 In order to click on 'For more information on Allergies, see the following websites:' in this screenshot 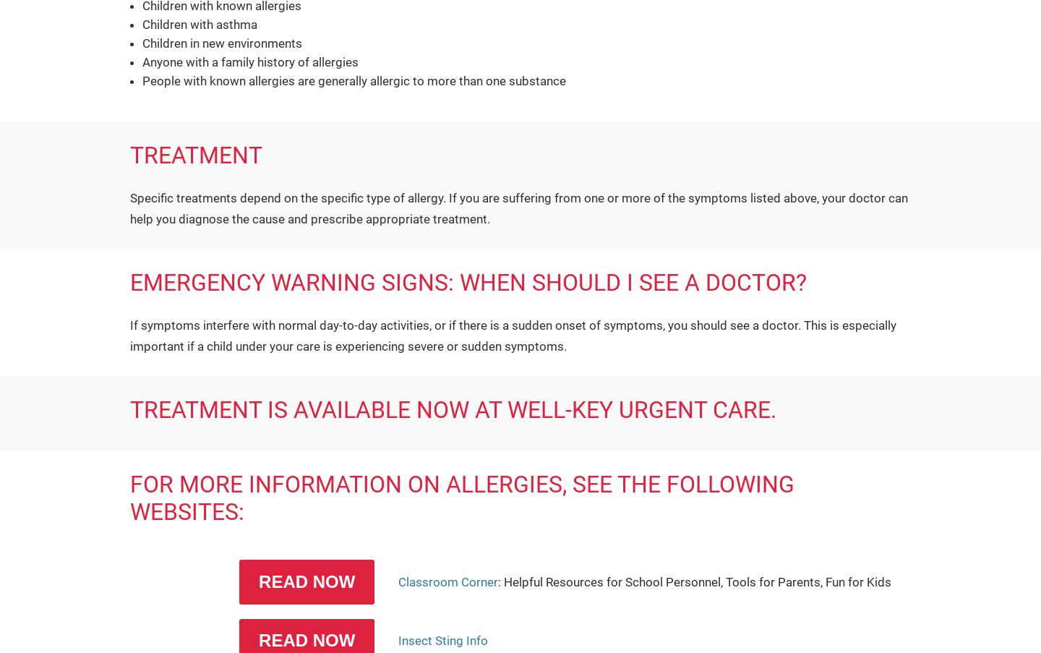, I will do `click(461, 497)`.